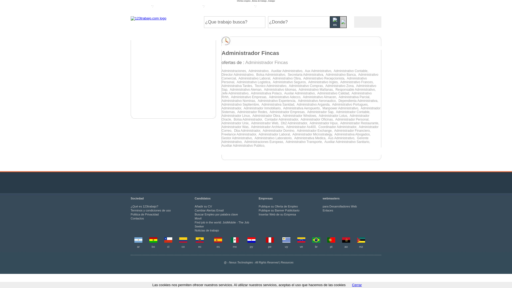 The height and width of the screenshot is (288, 512). What do you see at coordinates (356, 89) in the screenshot?
I see `'Responsable Administrativo, '` at bounding box center [356, 89].